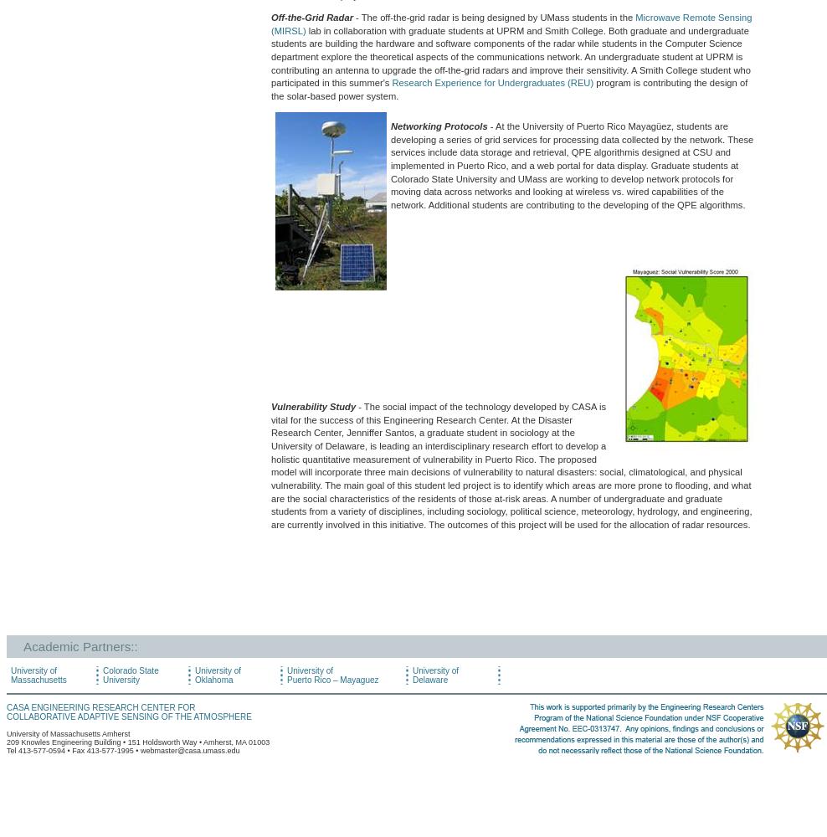 This screenshot has height=837, width=827. What do you see at coordinates (122, 750) in the screenshot?
I see `'Tel 413-577-0594  •  Fax 413-577-1995  •  webmaster@casa.umass.edu'` at bounding box center [122, 750].